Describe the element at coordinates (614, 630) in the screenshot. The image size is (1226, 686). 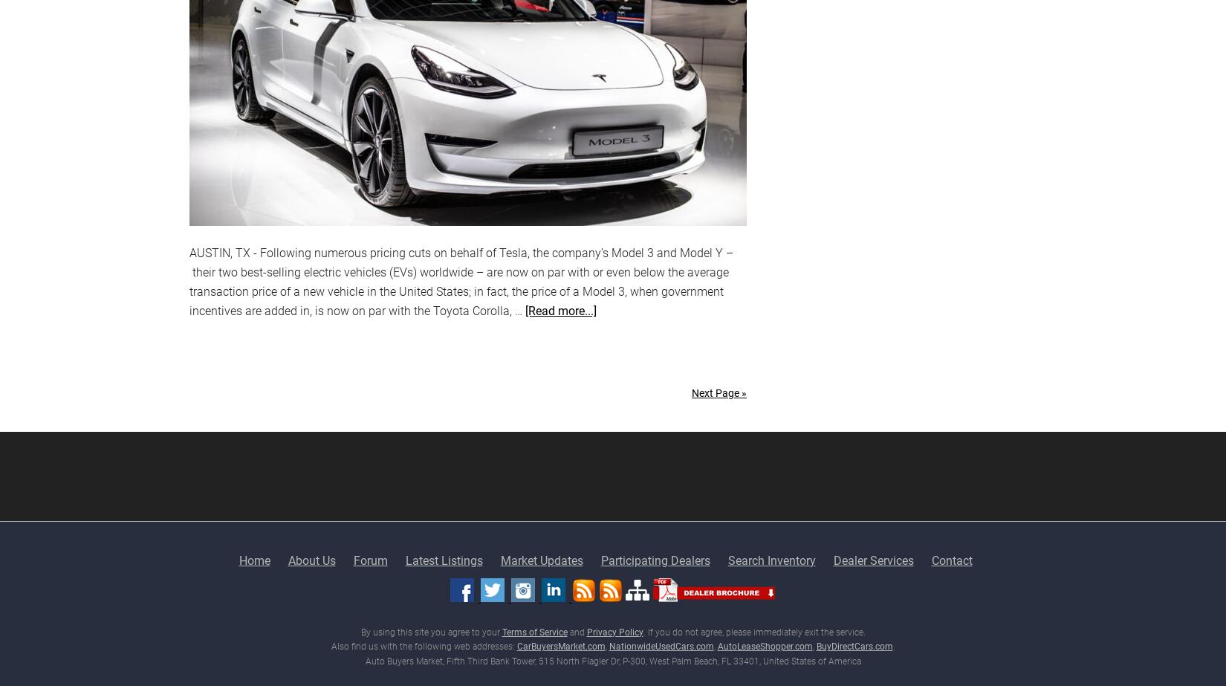
I see `'Privacy Policy'` at that location.